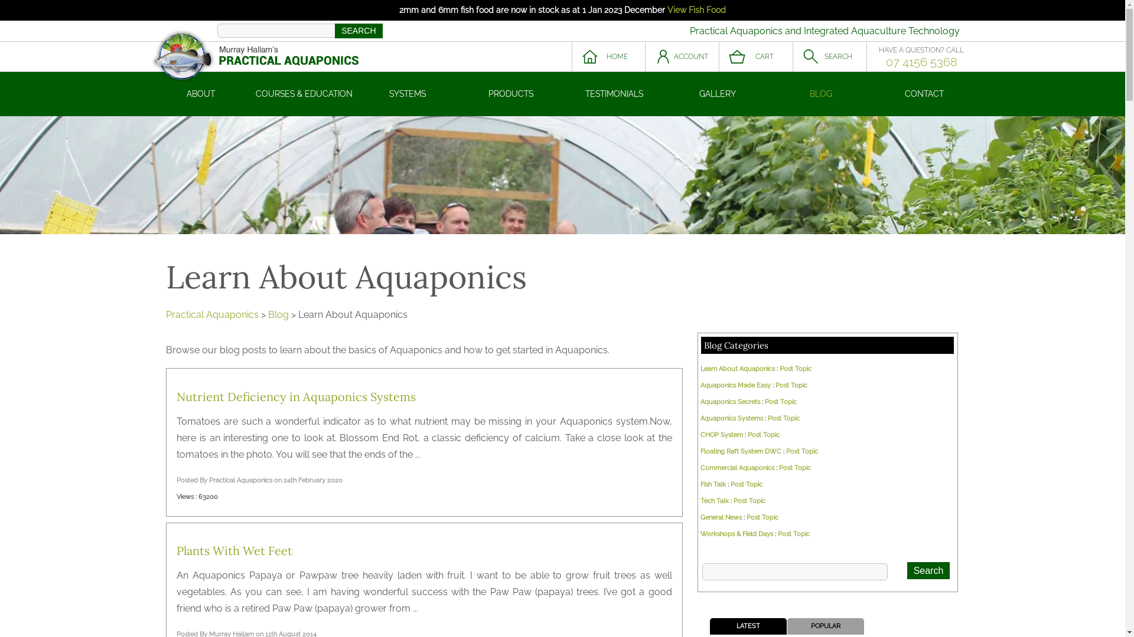  What do you see at coordinates (614, 93) in the screenshot?
I see `'TESTIMONIALS'` at bounding box center [614, 93].